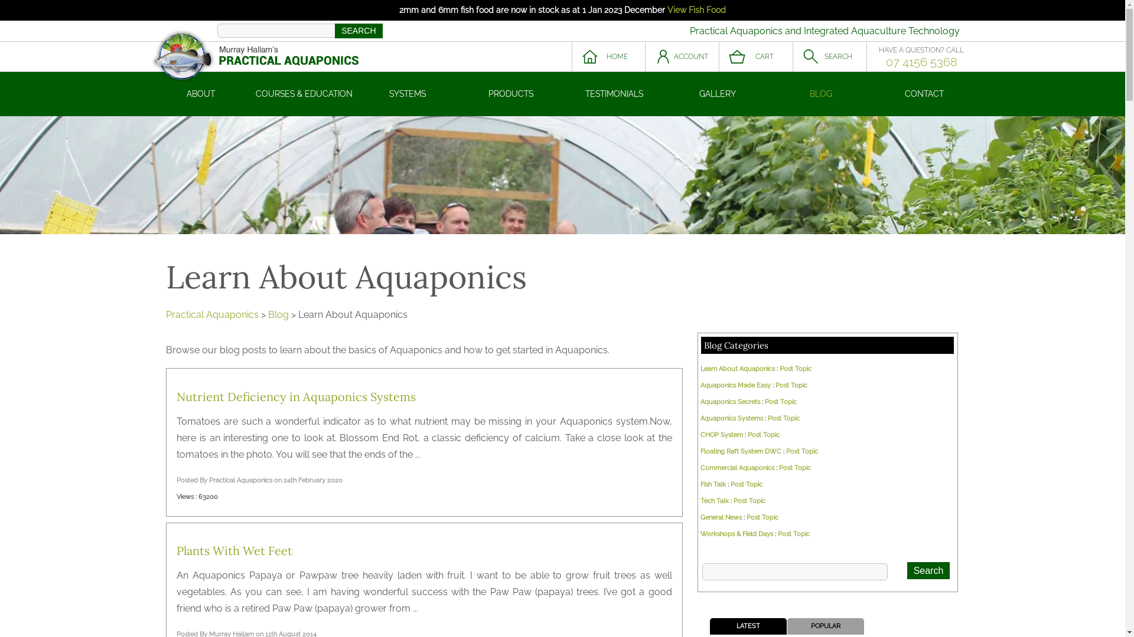  What do you see at coordinates (614, 93) in the screenshot?
I see `'TESTIMONIALS'` at bounding box center [614, 93].